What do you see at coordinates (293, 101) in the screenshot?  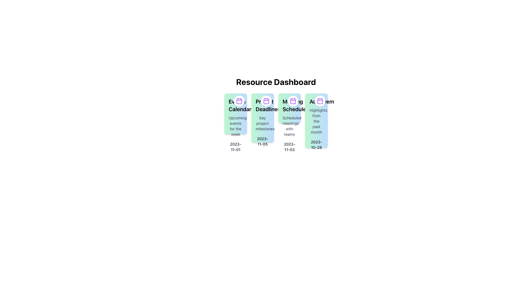 I see `the calendar icon located at the top-right corner of the 'Meeting Schedules' card` at bounding box center [293, 101].